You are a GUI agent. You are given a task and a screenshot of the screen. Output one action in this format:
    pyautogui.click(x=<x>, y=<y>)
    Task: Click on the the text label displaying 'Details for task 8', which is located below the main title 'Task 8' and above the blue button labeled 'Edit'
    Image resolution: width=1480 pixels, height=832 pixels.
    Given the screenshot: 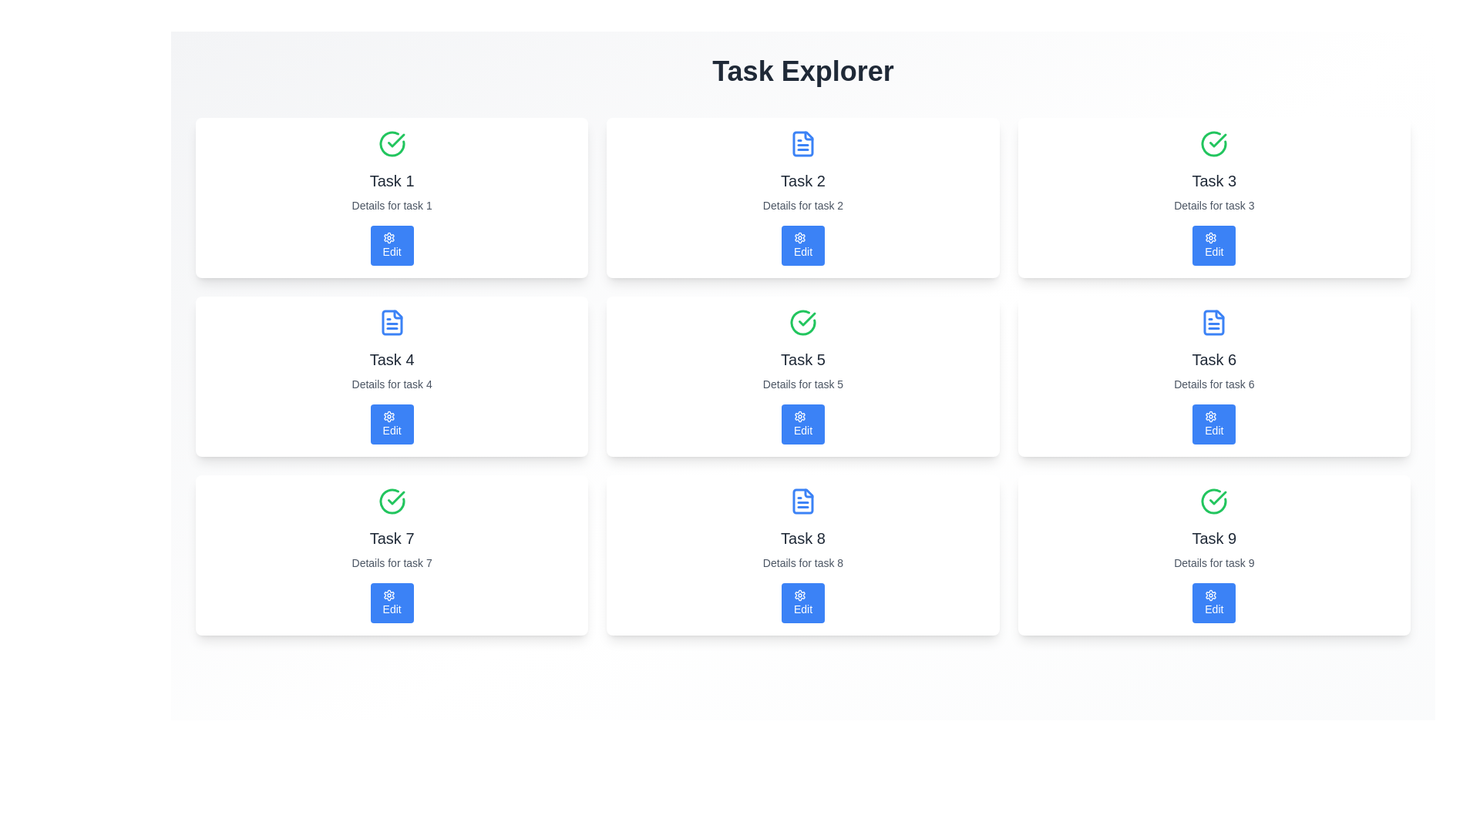 What is the action you would take?
    pyautogui.click(x=802, y=563)
    